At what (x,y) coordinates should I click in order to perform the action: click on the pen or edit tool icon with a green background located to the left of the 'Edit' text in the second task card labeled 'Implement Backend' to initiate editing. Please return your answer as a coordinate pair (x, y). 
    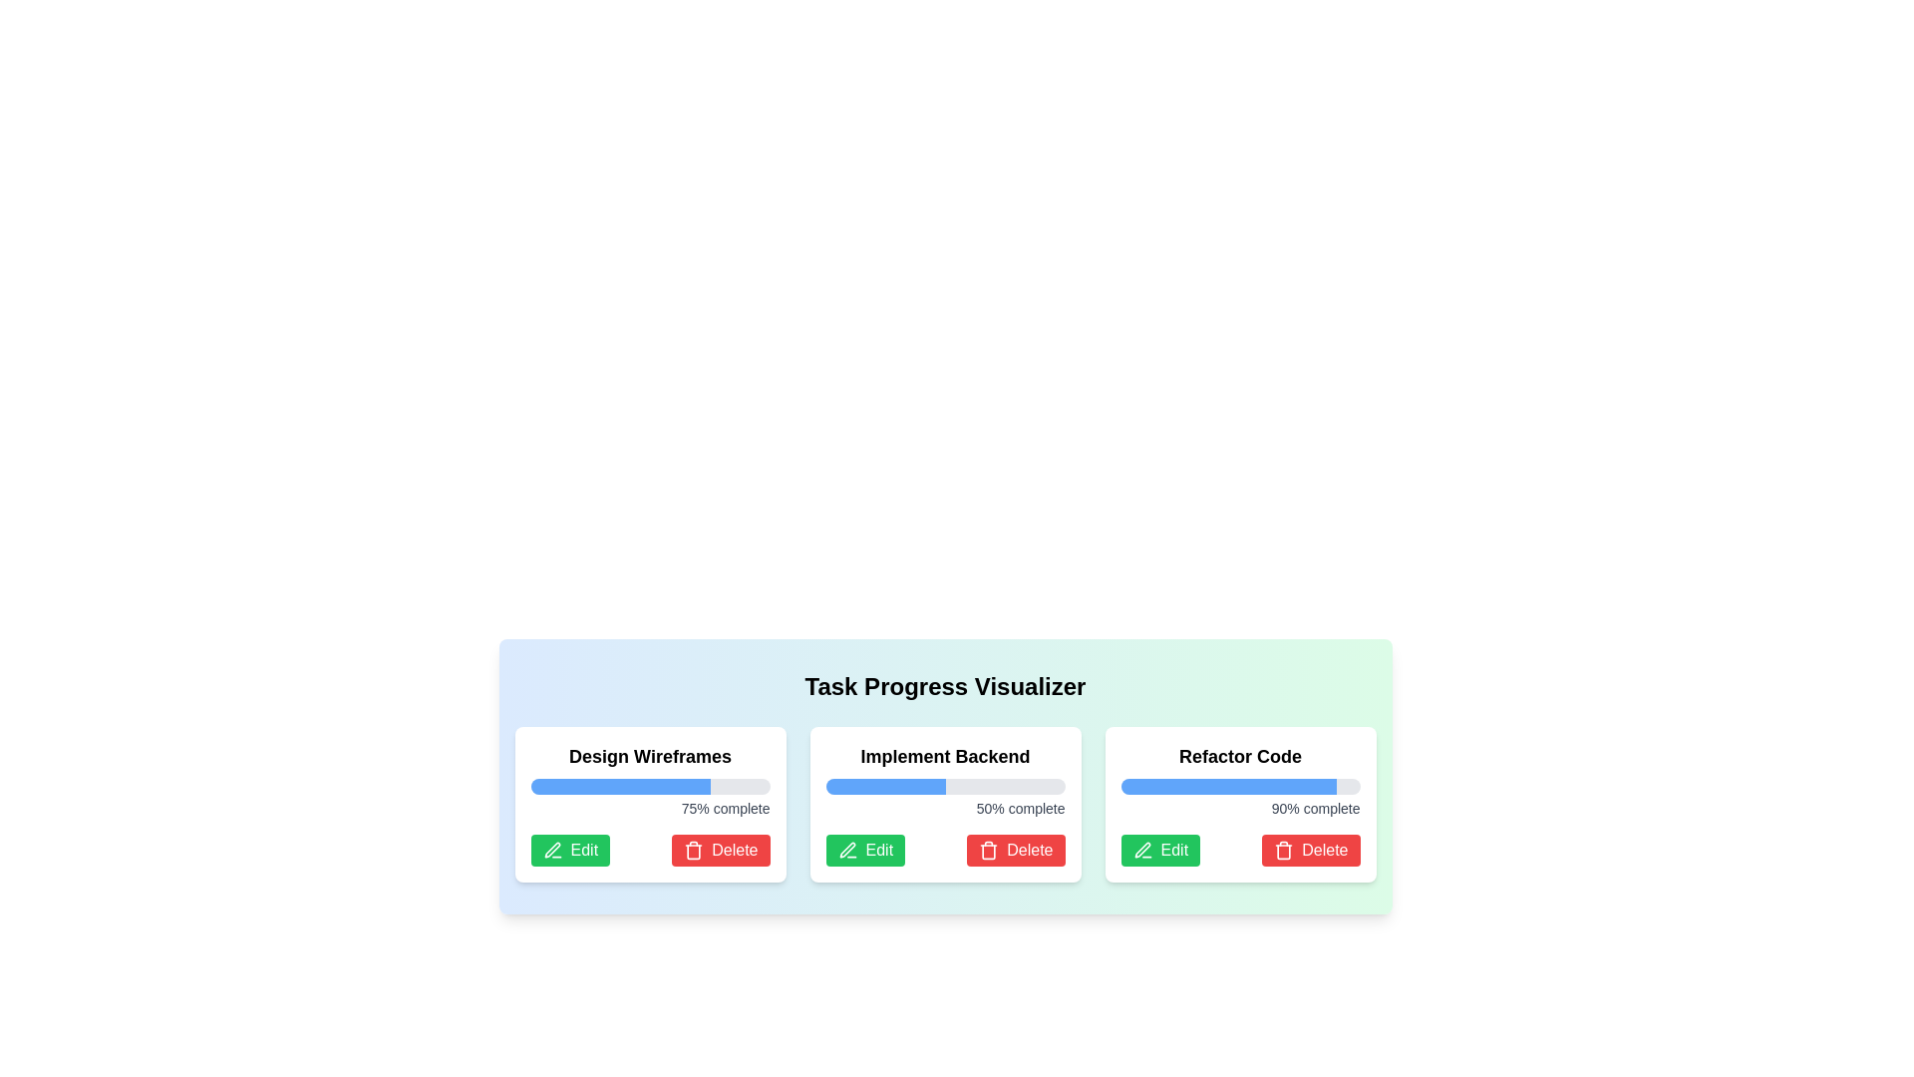
    Looking at the image, I should click on (847, 850).